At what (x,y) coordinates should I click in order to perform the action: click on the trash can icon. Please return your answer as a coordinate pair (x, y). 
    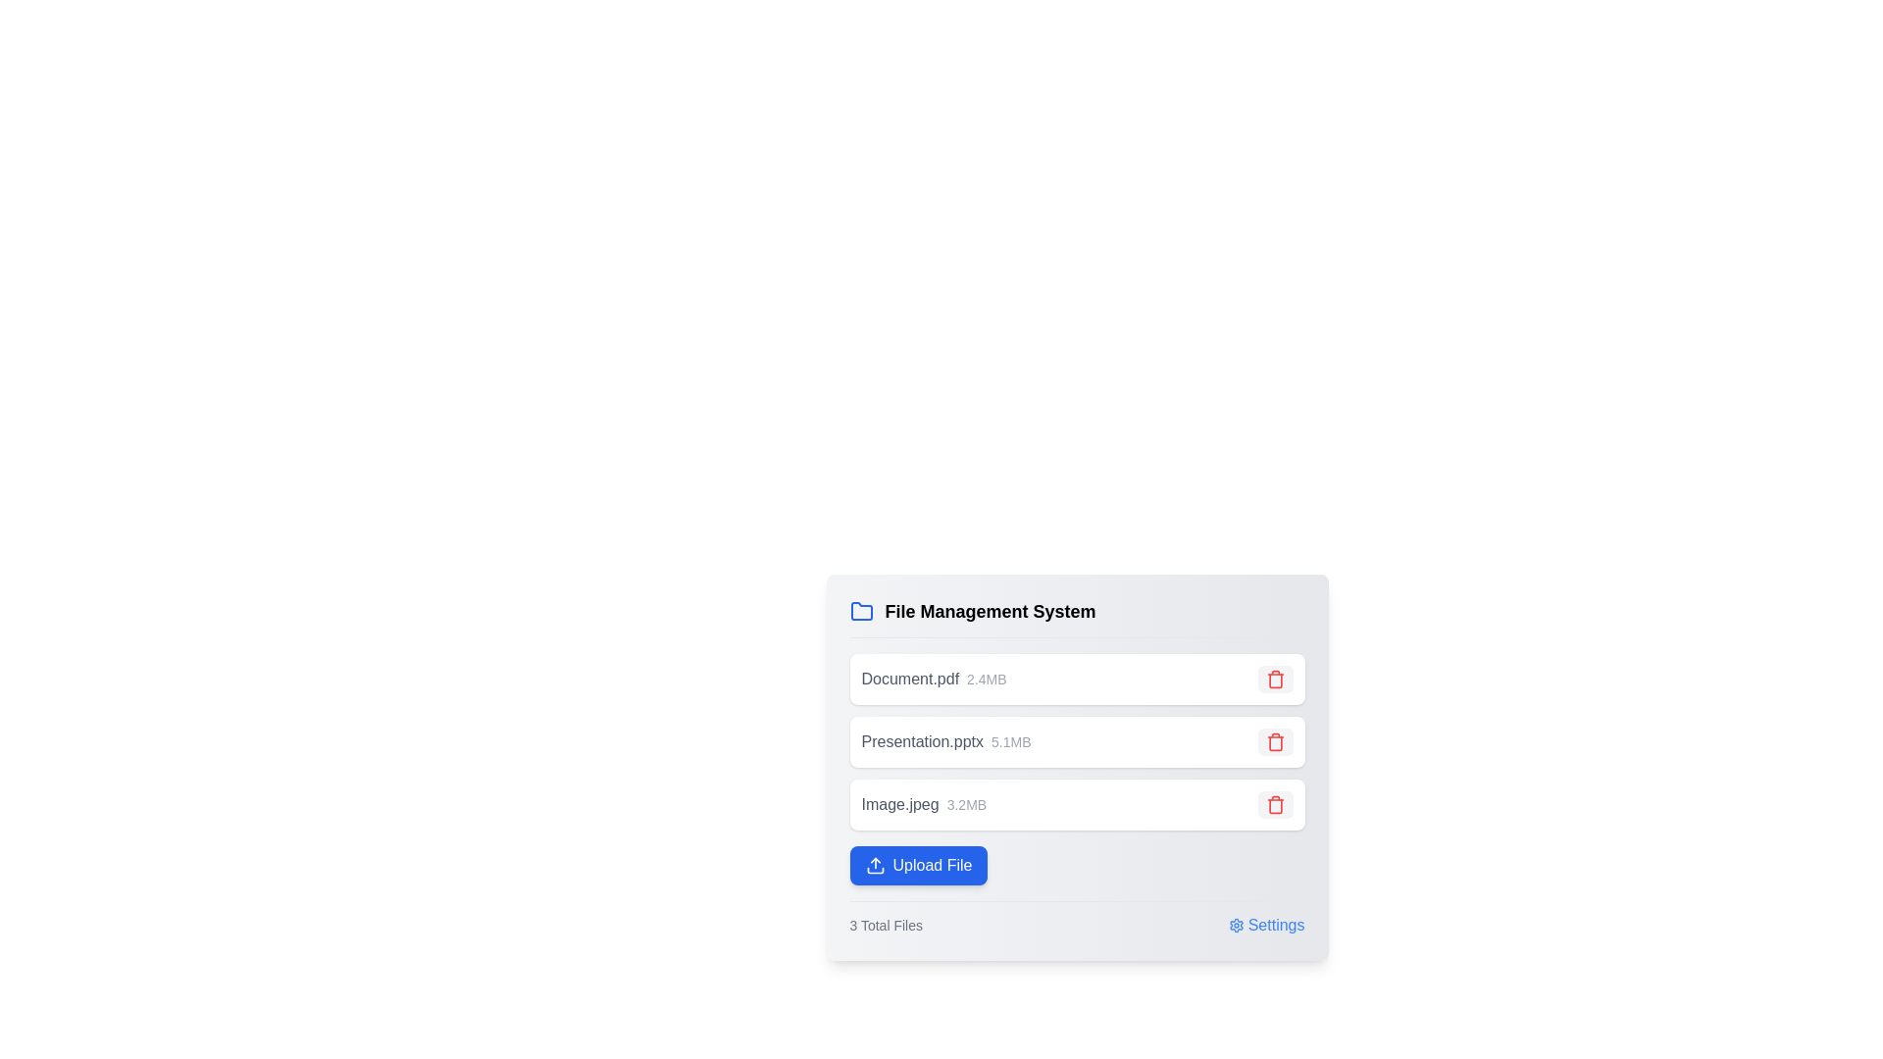
    Looking at the image, I should click on (1275, 805).